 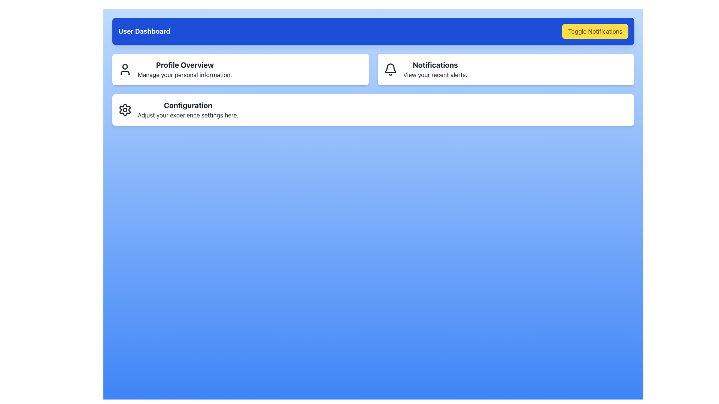 What do you see at coordinates (185, 69) in the screenshot?
I see `informational text block titled 'Profile' located at the top-left quadrant of the application's dashboard, which provides an overview of this section` at bounding box center [185, 69].